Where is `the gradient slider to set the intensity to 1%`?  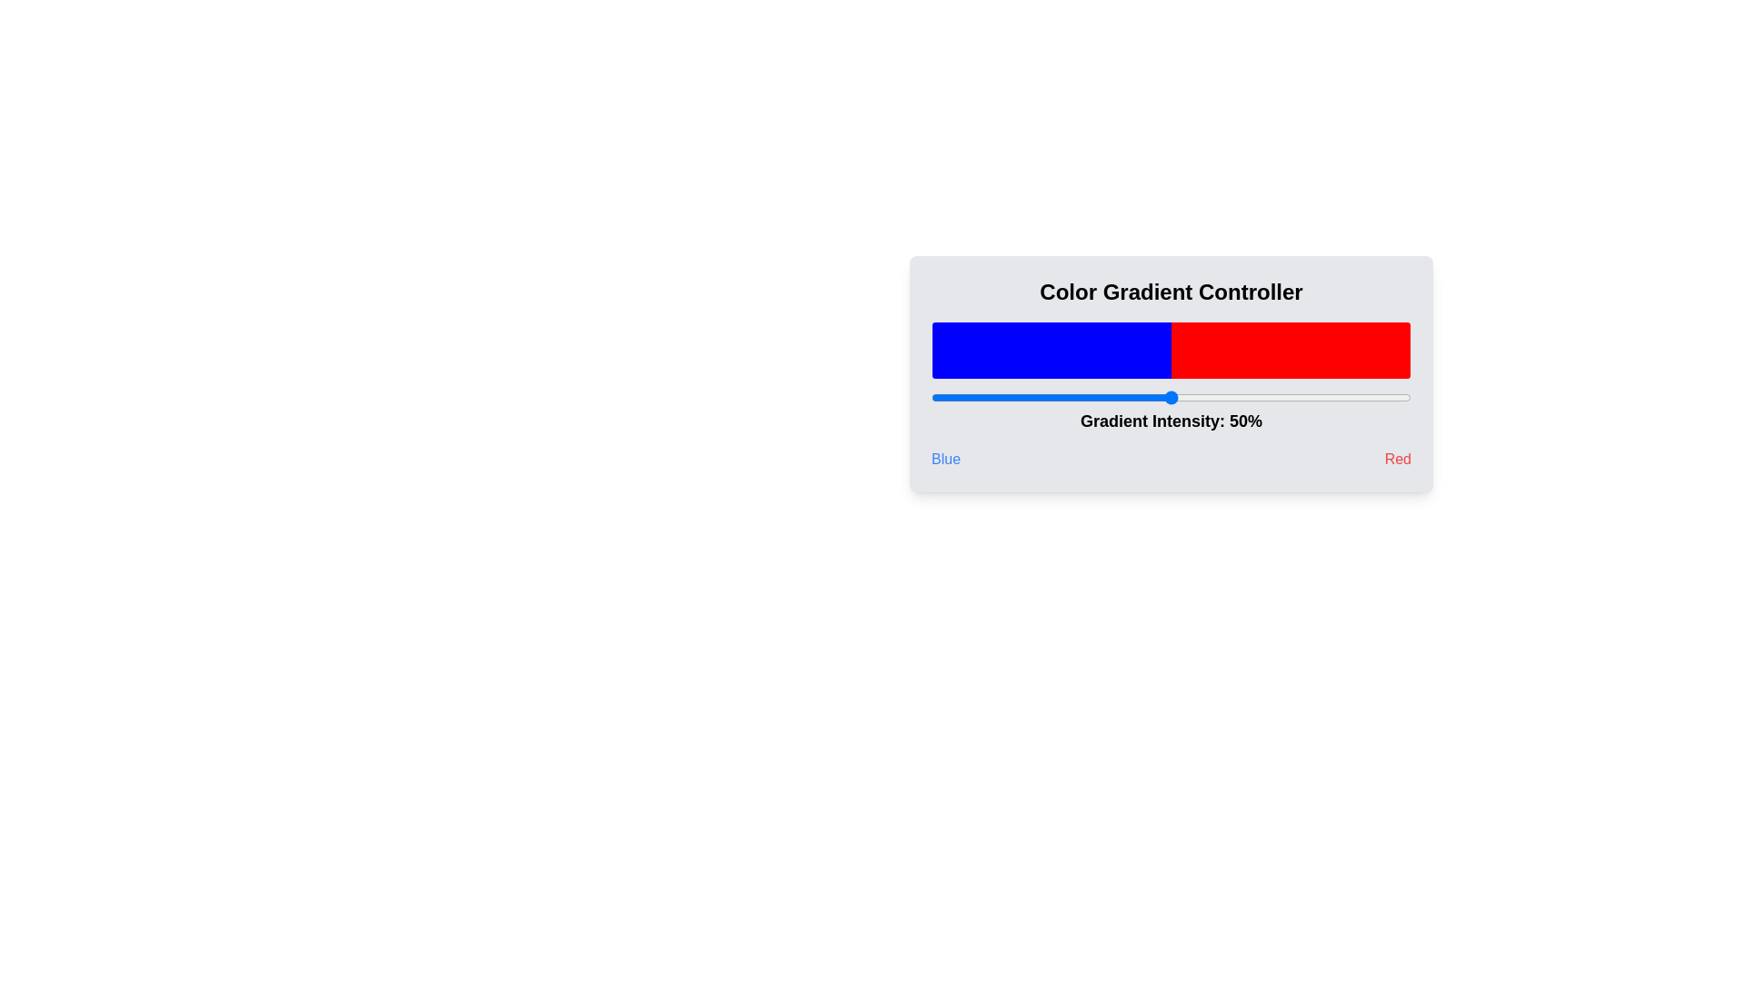 the gradient slider to set the intensity to 1% is located at coordinates (936, 397).